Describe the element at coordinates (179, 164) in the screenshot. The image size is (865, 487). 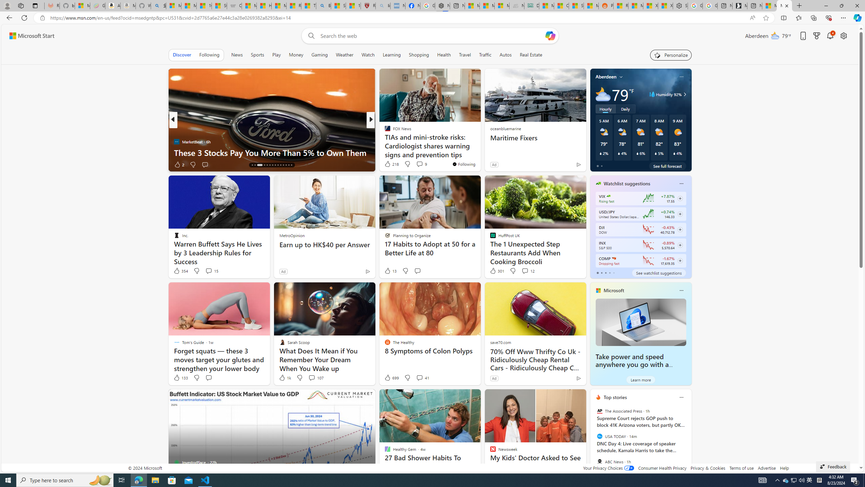
I see `'2 Like'` at that location.